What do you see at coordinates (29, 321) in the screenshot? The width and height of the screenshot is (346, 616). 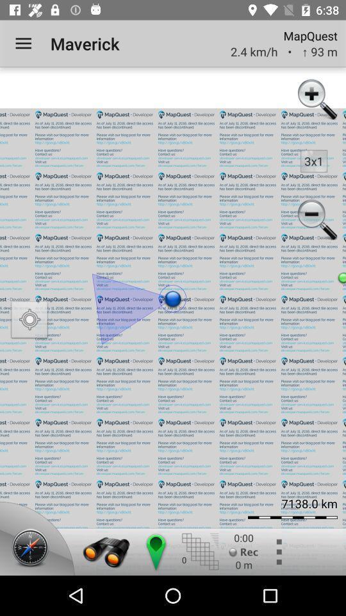 I see `turn on gps` at bounding box center [29, 321].